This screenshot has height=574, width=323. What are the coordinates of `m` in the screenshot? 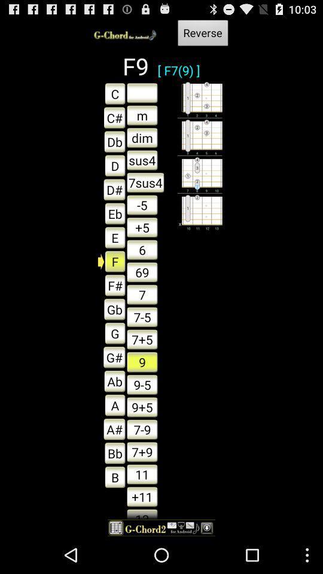 It's located at (142, 115).